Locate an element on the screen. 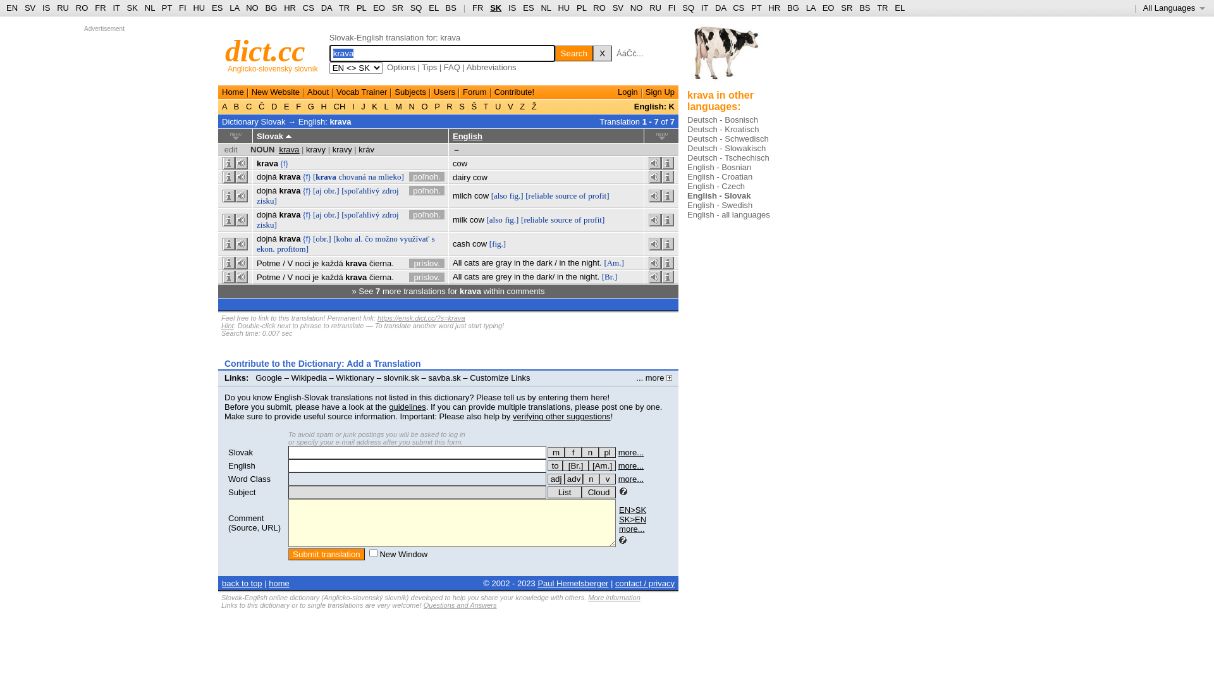 The width and height of the screenshot is (1214, 683). 'zdroj' is located at coordinates (389, 190).